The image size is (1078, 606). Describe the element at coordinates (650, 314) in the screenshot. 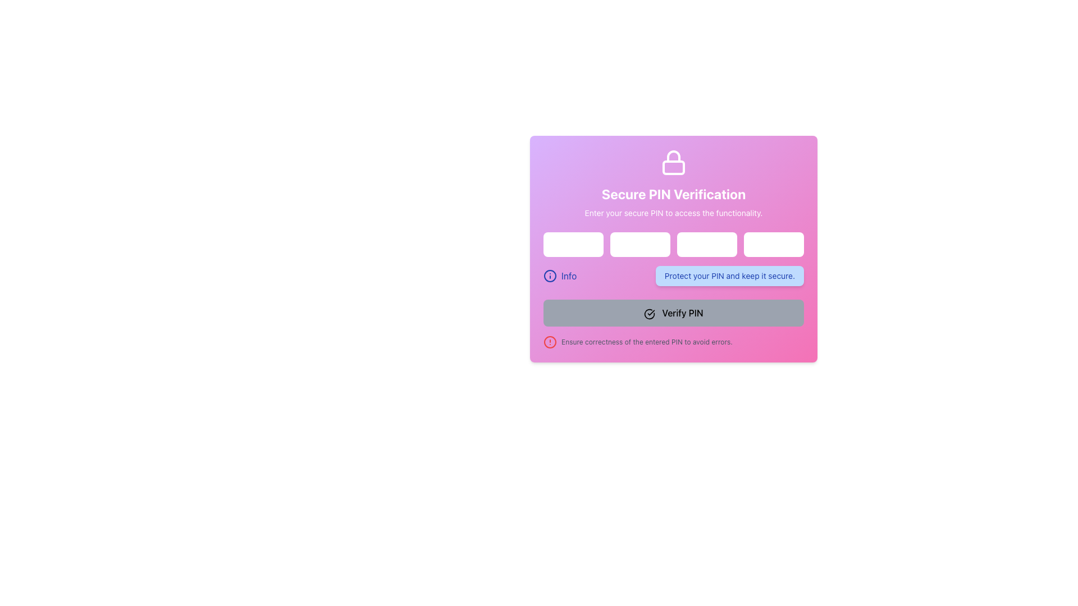

I see `the leftmost circular decorative component of the graphical icon that is part of the 'Verify PIN' button` at that location.